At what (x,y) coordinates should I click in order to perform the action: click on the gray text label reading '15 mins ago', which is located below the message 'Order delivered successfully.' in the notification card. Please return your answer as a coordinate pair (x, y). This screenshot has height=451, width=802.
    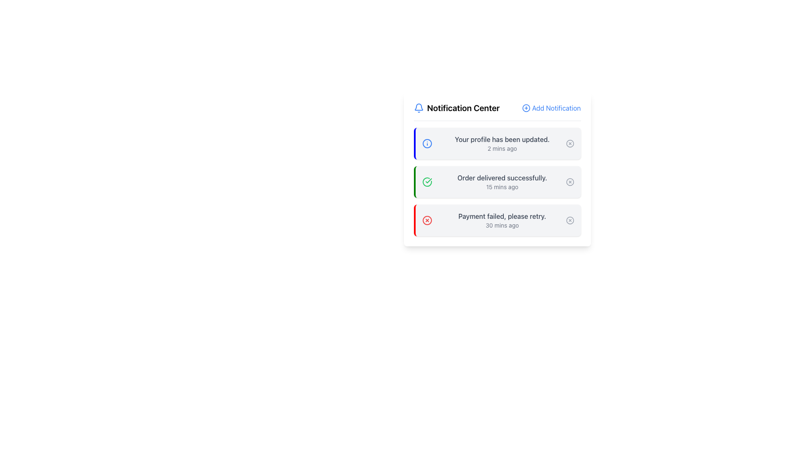
    Looking at the image, I should click on (502, 186).